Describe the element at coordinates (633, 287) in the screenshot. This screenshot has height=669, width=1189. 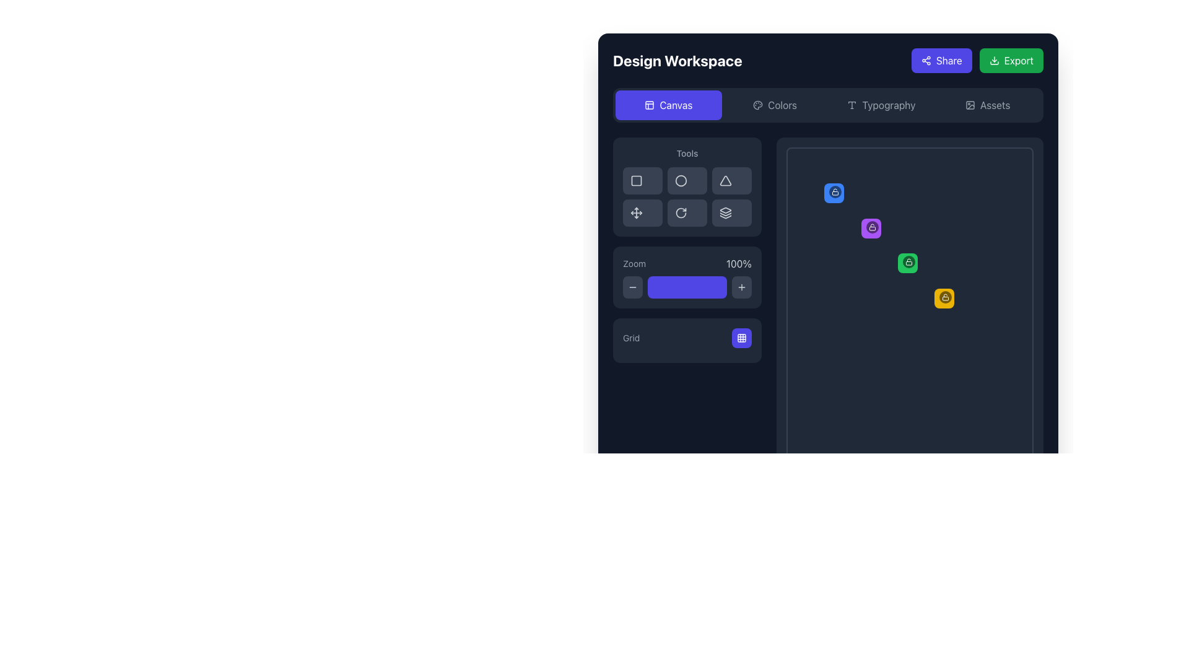
I see `the minus icon button located in the 'Zoom' section of the interface to zoom out` at that location.